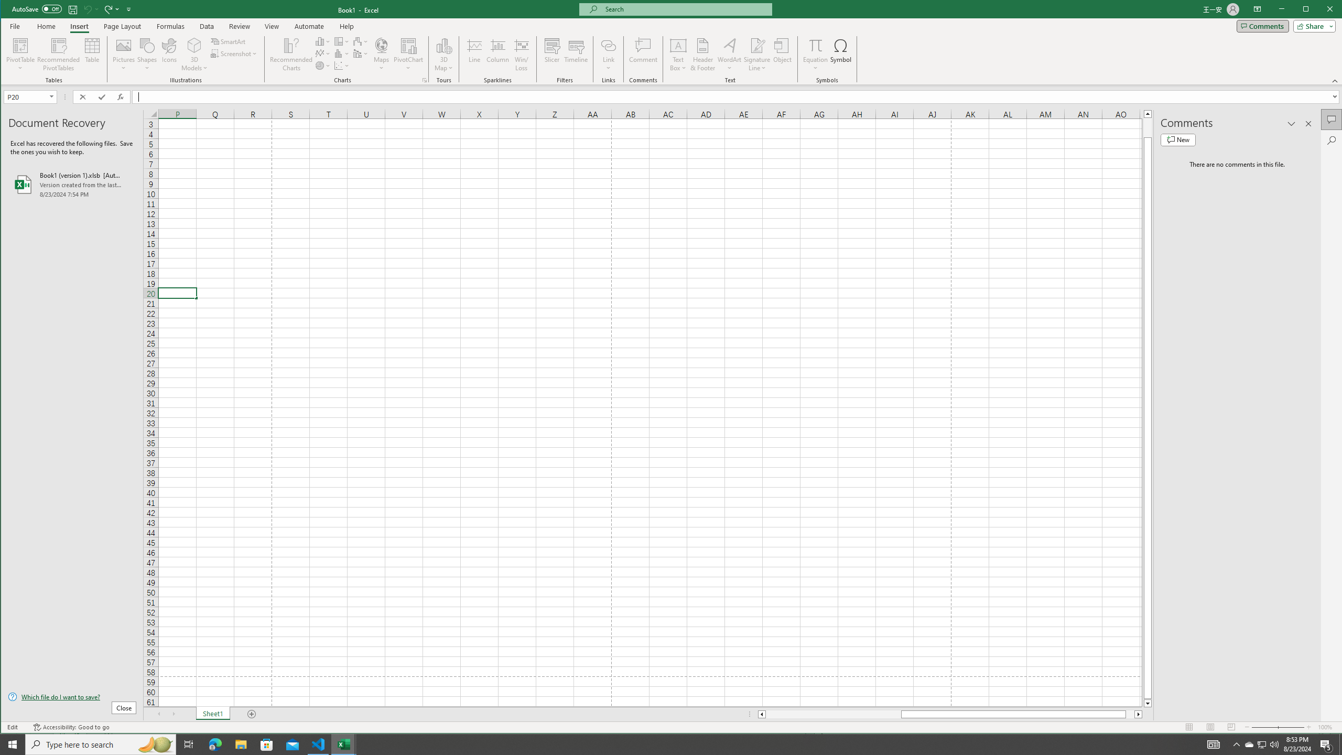 The width and height of the screenshot is (1342, 755). Describe the element at coordinates (1214, 743) in the screenshot. I see `'AutomationID: 4105'` at that location.